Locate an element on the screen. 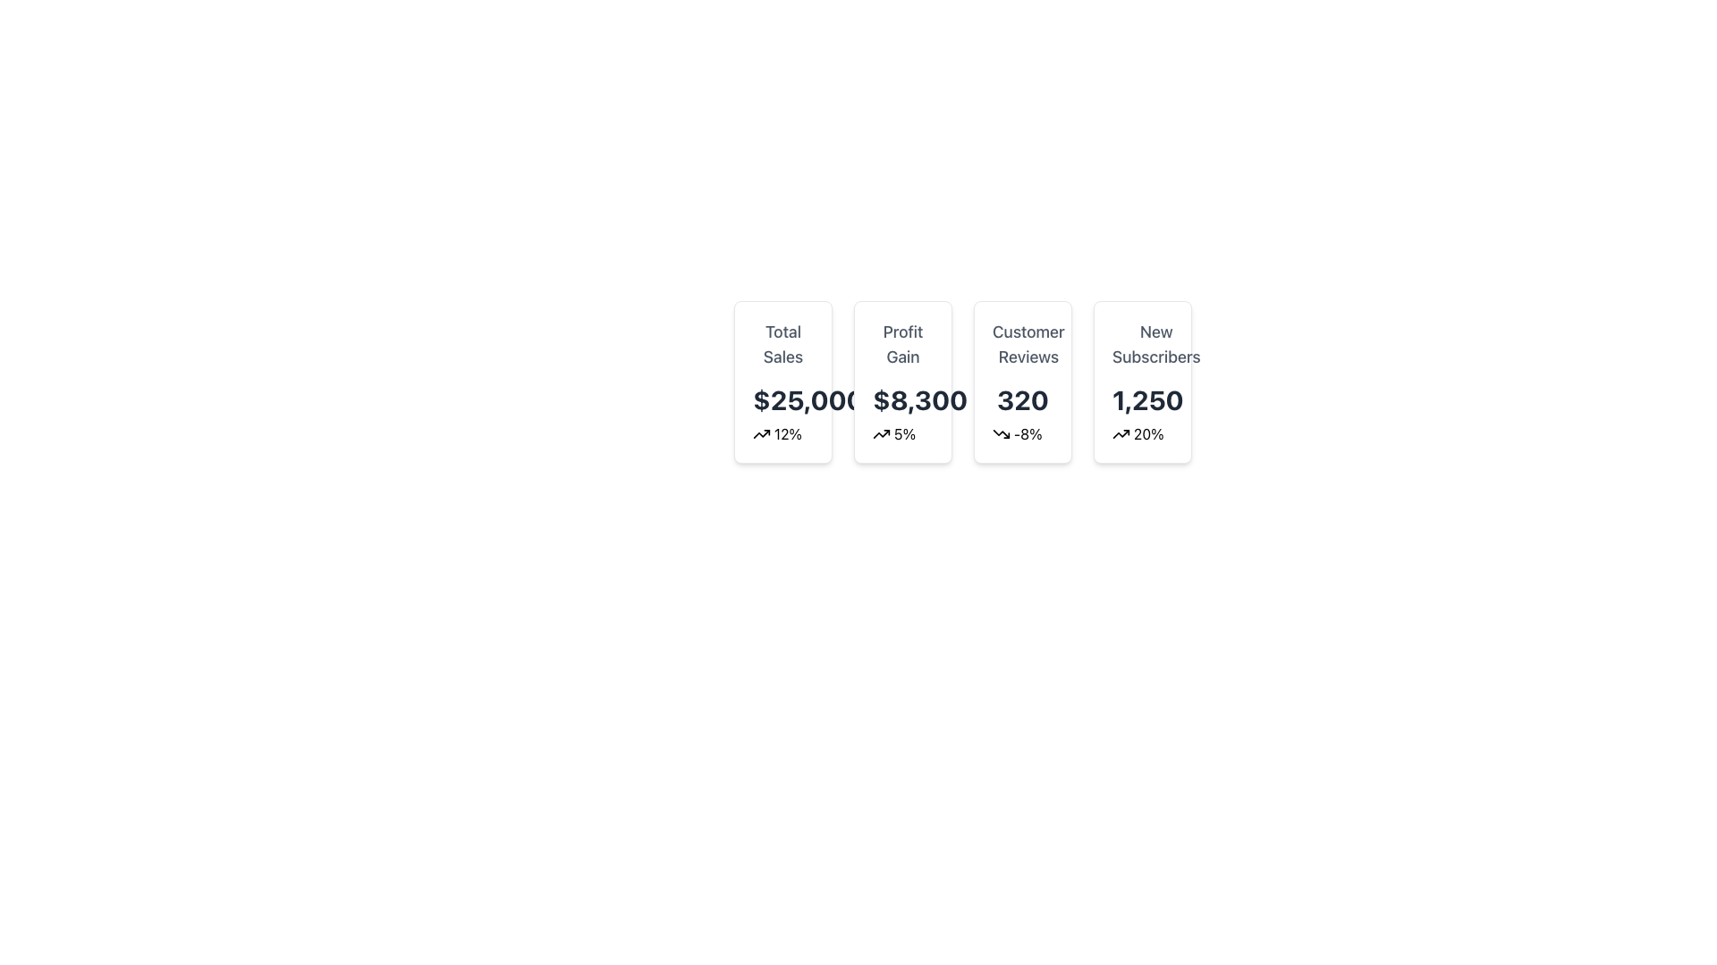  the 'New Subscribers' label, which is located in the rightmost card of a row of cards, displaying in dark gray font and centered alignment is located at coordinates (1141, 344).